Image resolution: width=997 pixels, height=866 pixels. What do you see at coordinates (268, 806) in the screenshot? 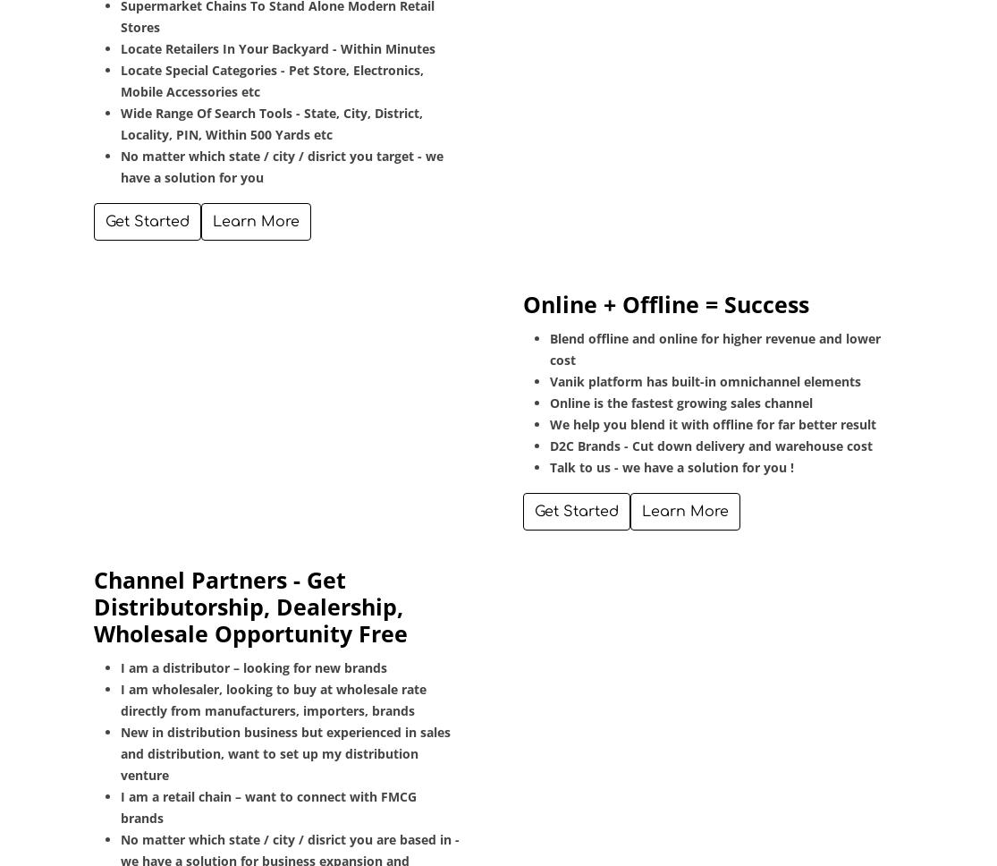
I see `'I am a retail chain – want to connect with FMCG brands'` at bounding box center [268, 806].